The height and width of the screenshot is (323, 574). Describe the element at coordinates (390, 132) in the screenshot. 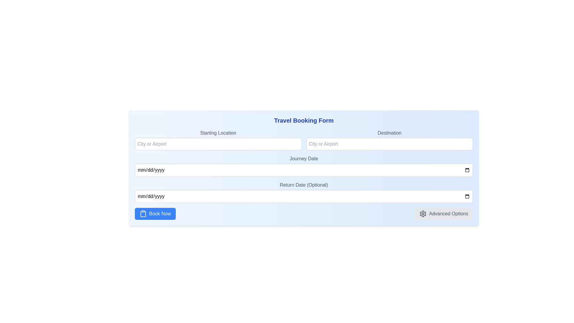

I see `the 'Destination' static label text element, which is styled in gray and positioned above the 'City or Airport' input field in the upper-right part of the interactive panel` at that location.